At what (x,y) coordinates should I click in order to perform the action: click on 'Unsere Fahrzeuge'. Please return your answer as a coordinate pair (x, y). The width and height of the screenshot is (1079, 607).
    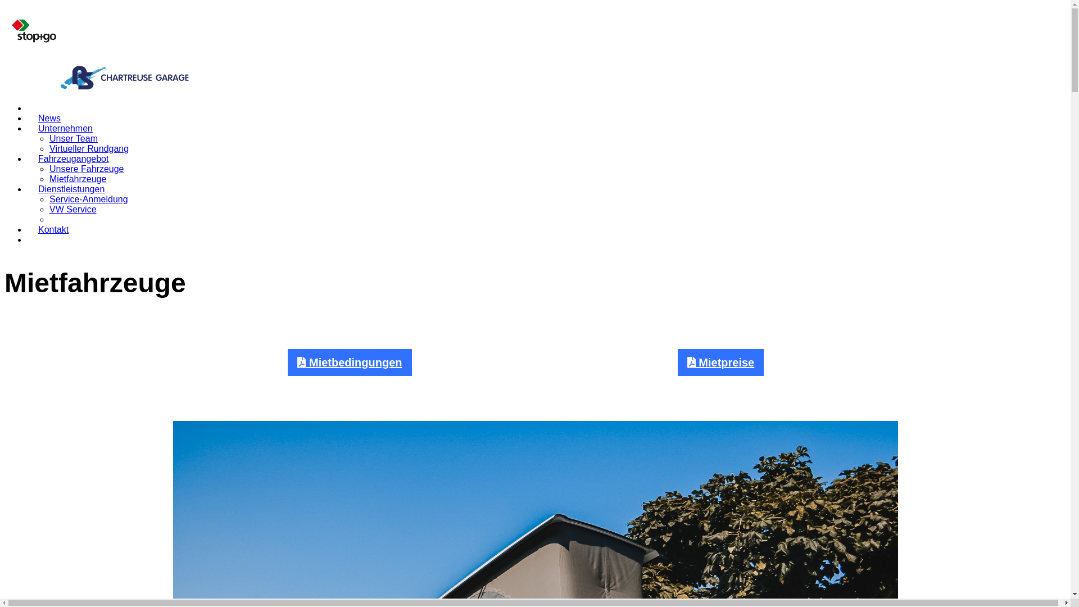
    Looking at the image, I should click on (86, 169).